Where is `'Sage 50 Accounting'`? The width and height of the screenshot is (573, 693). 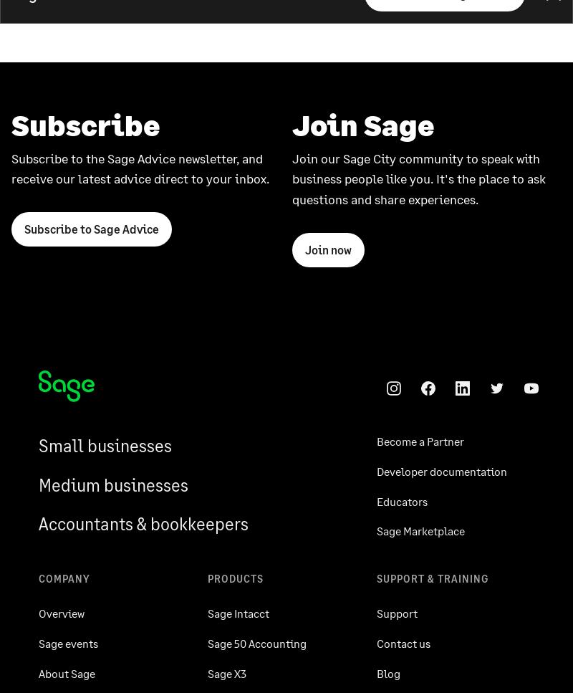 'Sage 50 Accounting' is located at coordinates (207, 642).